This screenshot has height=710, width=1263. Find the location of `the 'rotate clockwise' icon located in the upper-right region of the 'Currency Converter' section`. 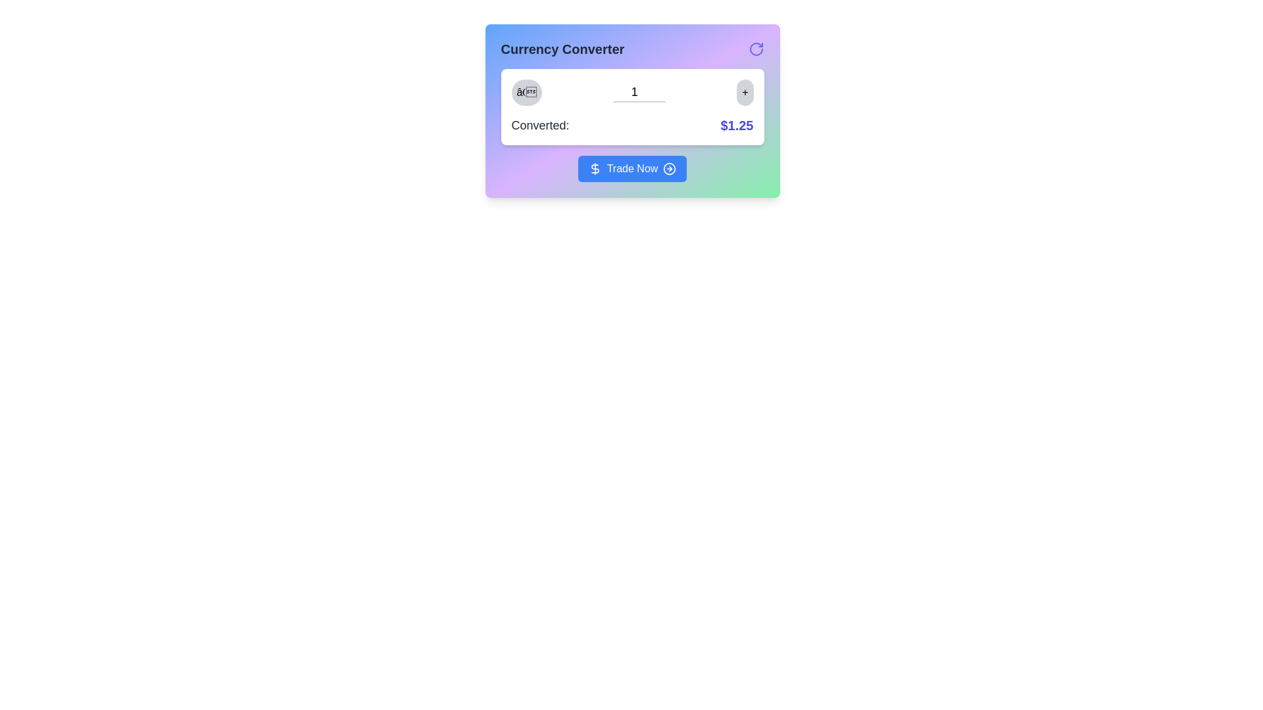

the 'rotate clockwise' icon located in the upper-right region of the 'Currency Converter' section is located at coordinates (756, 48).